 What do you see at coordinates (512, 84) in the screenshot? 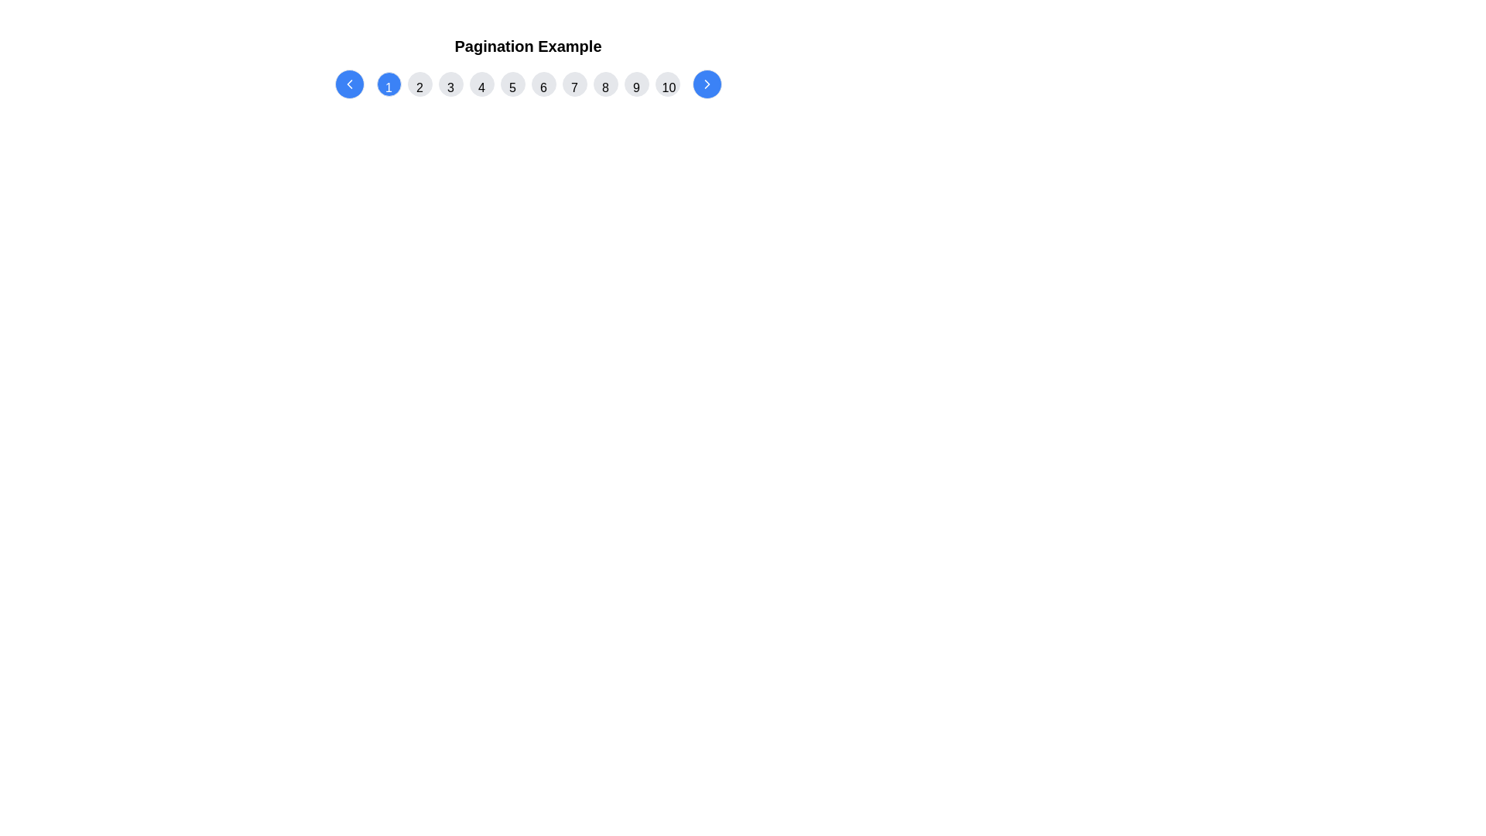
I see `the fifth pagination button` at bounding box center [512, 84].